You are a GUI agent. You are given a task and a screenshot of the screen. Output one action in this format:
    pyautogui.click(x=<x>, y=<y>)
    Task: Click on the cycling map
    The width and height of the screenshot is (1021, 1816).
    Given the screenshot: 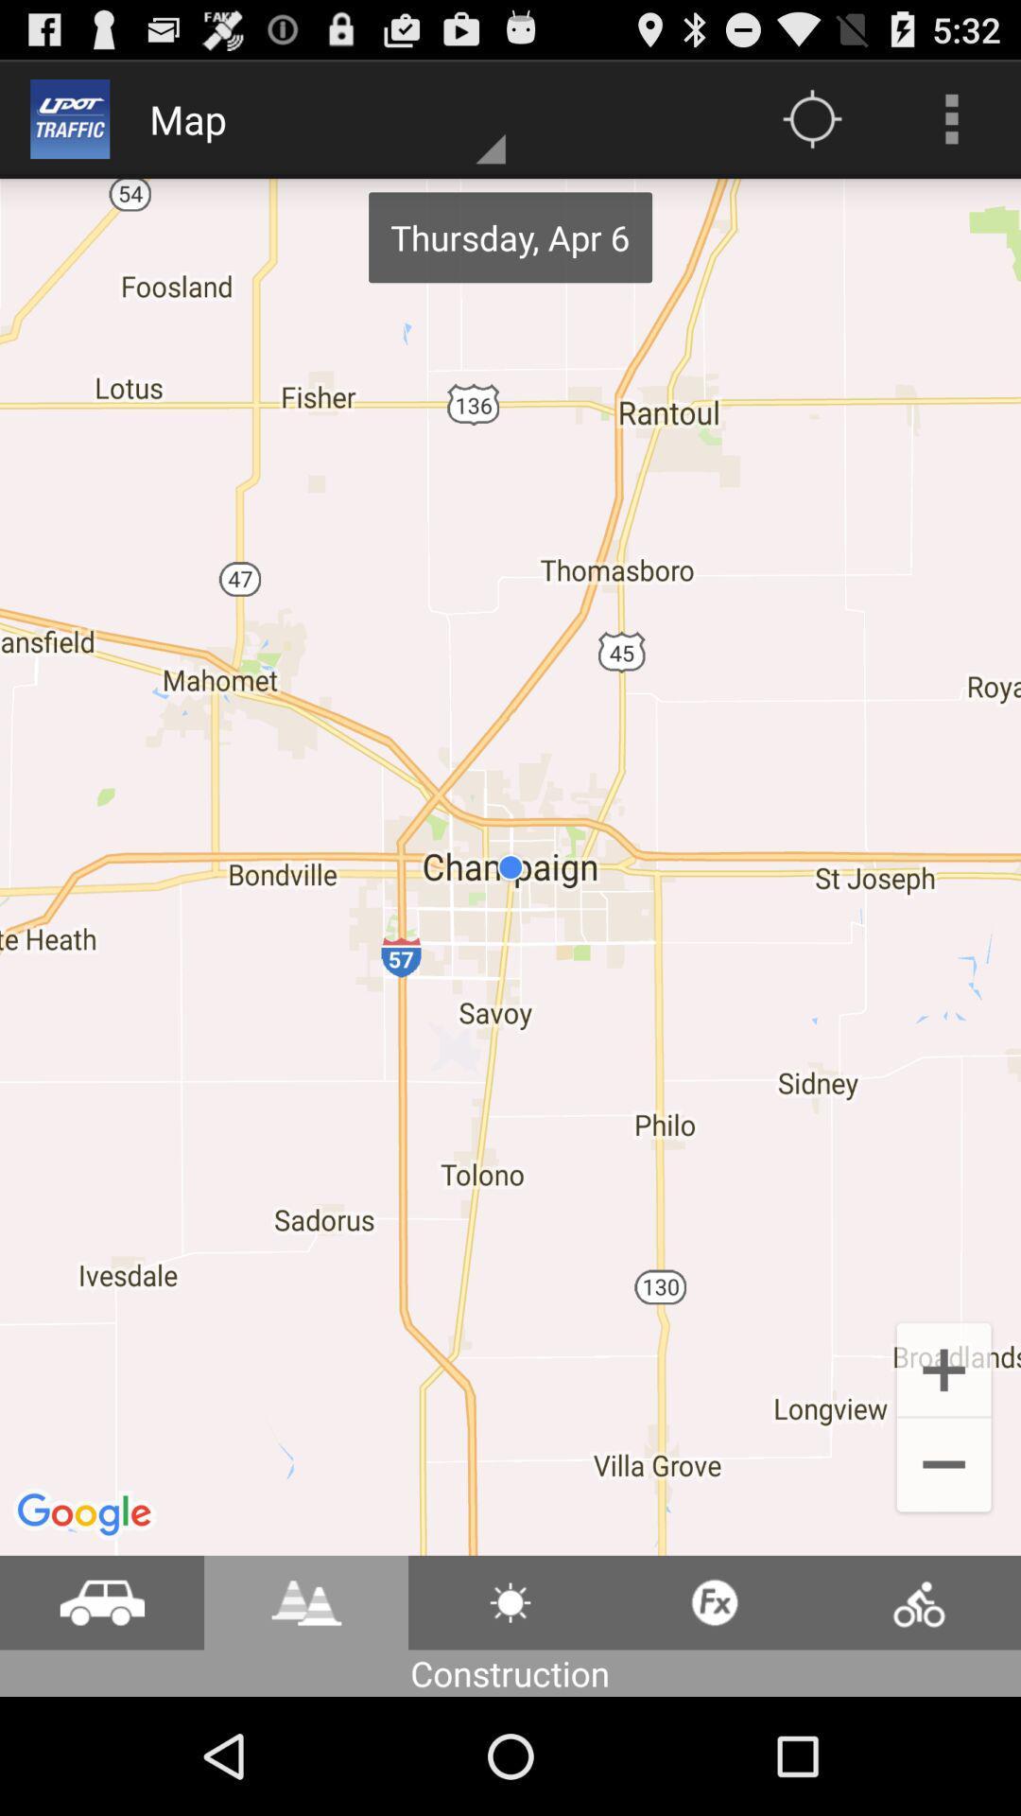 What is the action you would take?
    pyautogui.click(x=918, y=1601)
    